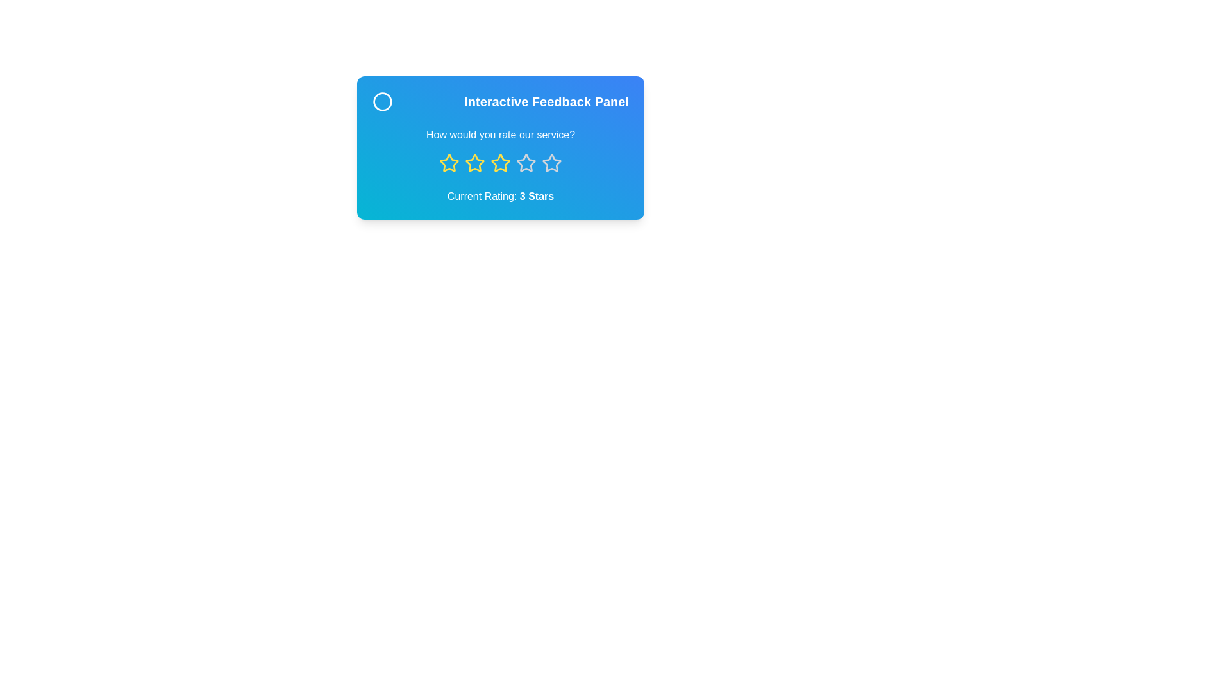 This screenshot has width=1231, height=692. Describe the element at coordinates (526, 162) in the screenshot. I see `the star-shaped interactive icon, which is the third star in a row of five, located beneath the question 'How would you rate our service?' and above the text 'Current Rating: 3 Stars.'` at that location.